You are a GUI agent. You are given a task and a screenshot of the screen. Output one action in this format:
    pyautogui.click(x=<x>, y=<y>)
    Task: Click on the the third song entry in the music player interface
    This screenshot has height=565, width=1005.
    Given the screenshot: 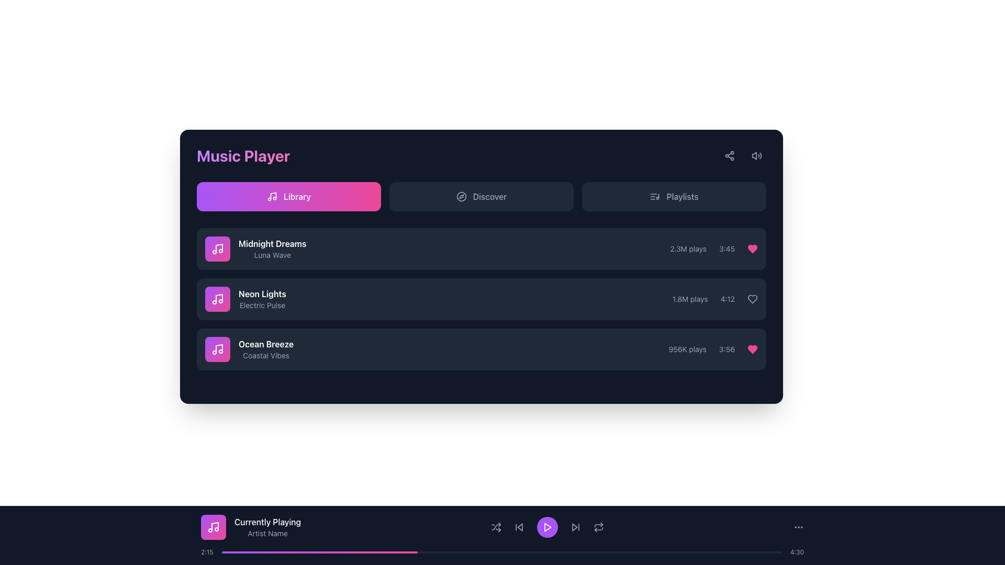 What is the action you would take?
    pyautogui.click(x=481, y=349)
    